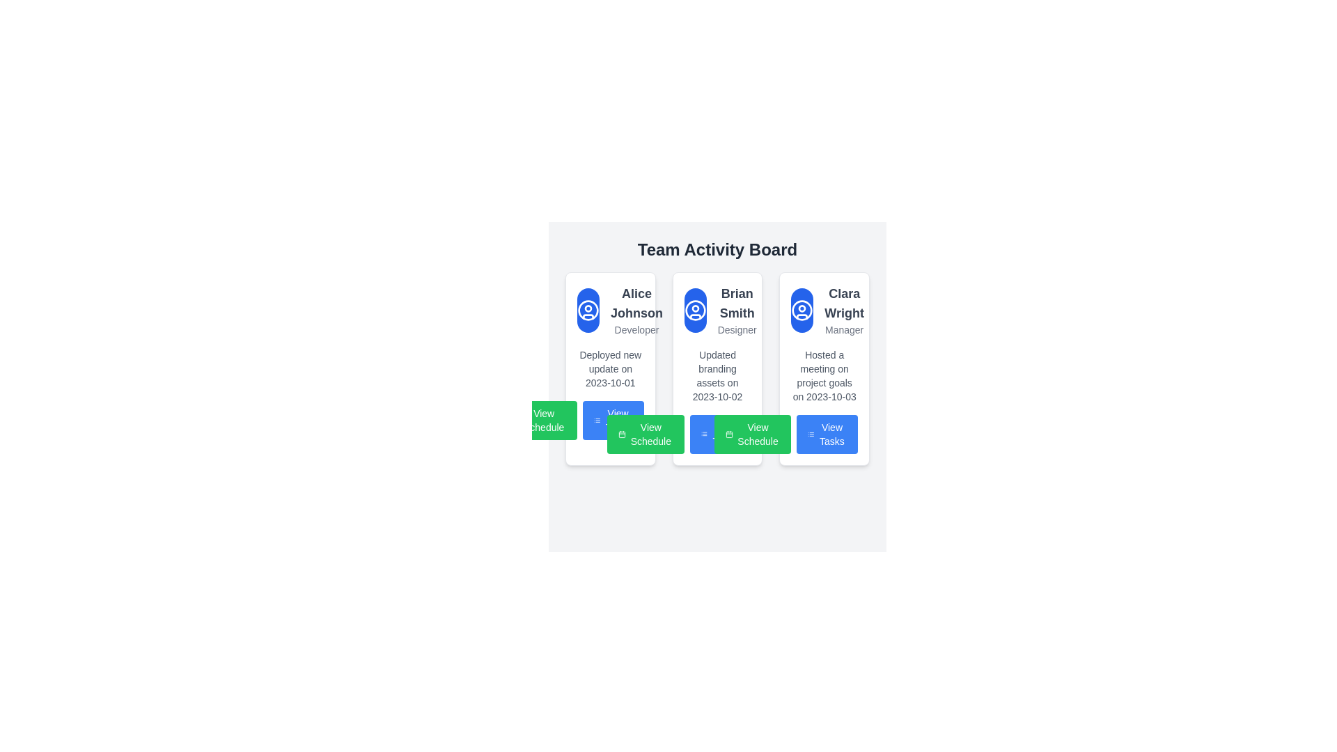 The image size is (1337, 752). What do you see at coordinates (621, 434) in the screenshot?
I see `the green calendar icon located on the left side of the 'View Schedule' button` at bounding box center [621, 434].